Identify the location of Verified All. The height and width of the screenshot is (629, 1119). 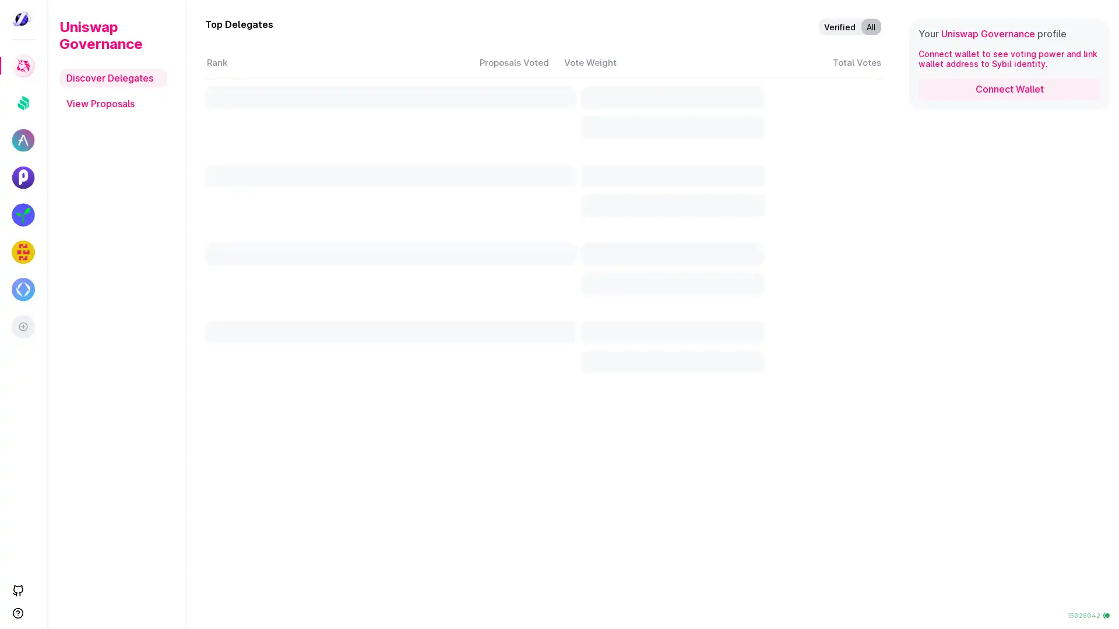
(850, 26).